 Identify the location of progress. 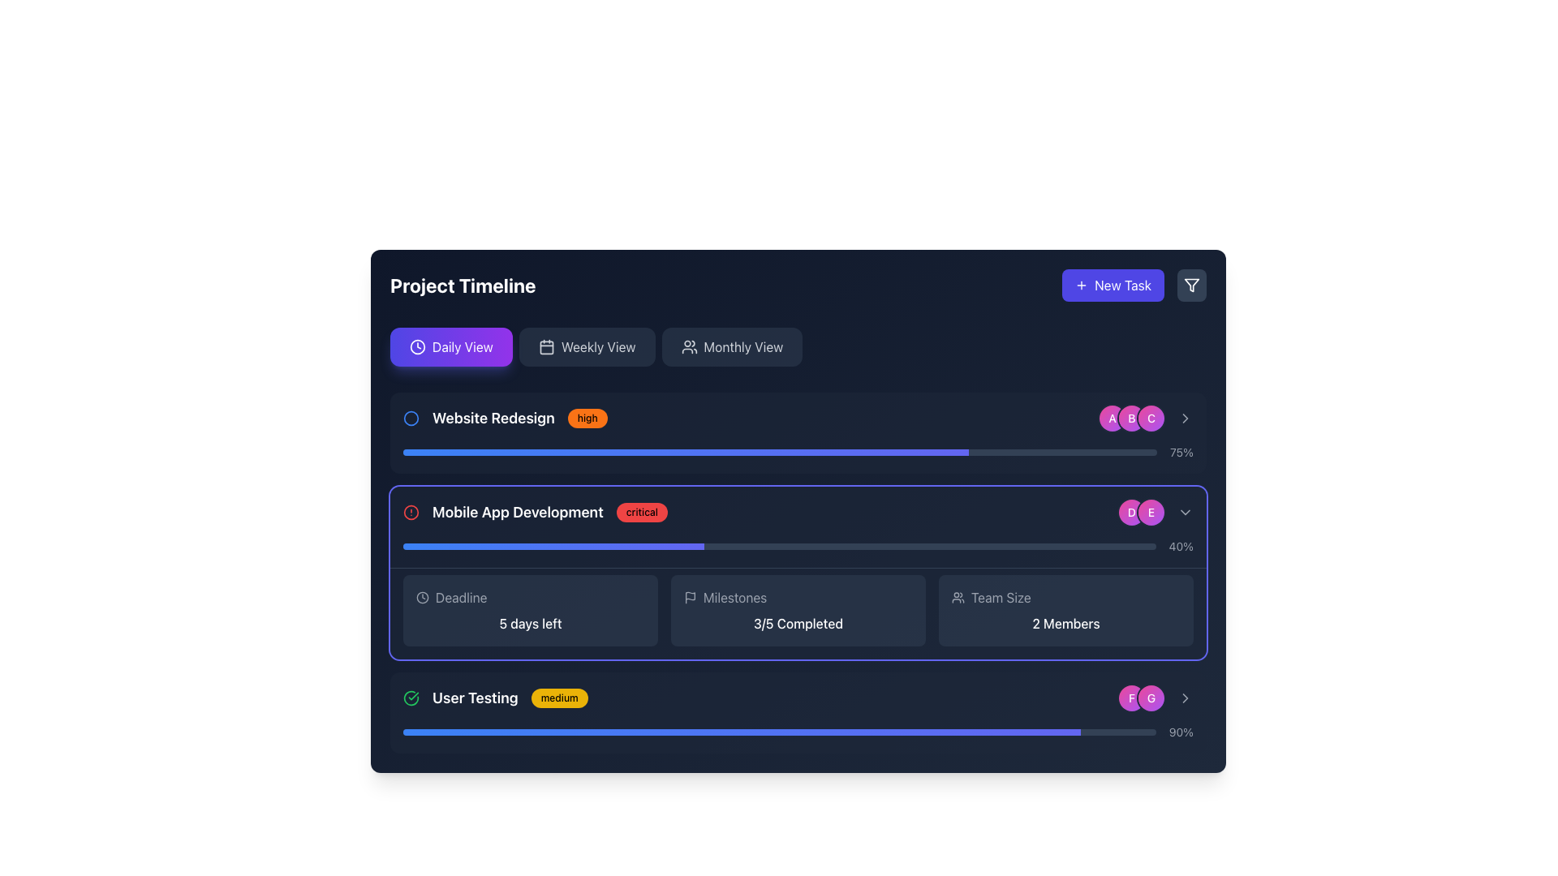
(935, 453).